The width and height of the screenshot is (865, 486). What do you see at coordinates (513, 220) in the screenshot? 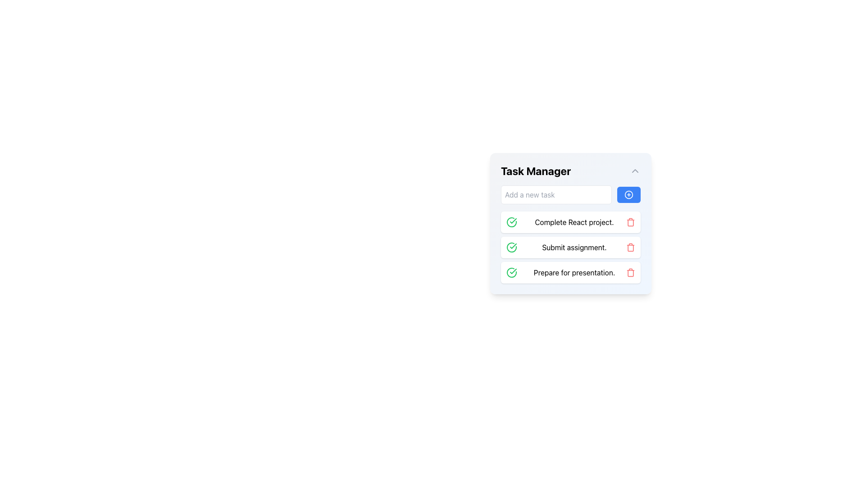
I see `the checkmark icon that marks the associated task as completed in the task list, located in the middle-left sector and aligned with the second task item` at bounding box center [513, 220].